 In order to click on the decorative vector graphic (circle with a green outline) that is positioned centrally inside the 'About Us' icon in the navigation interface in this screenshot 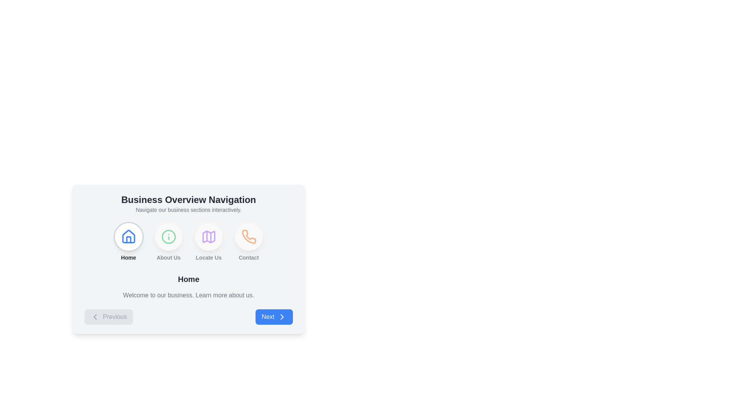, I will do `click(168, 236)`.